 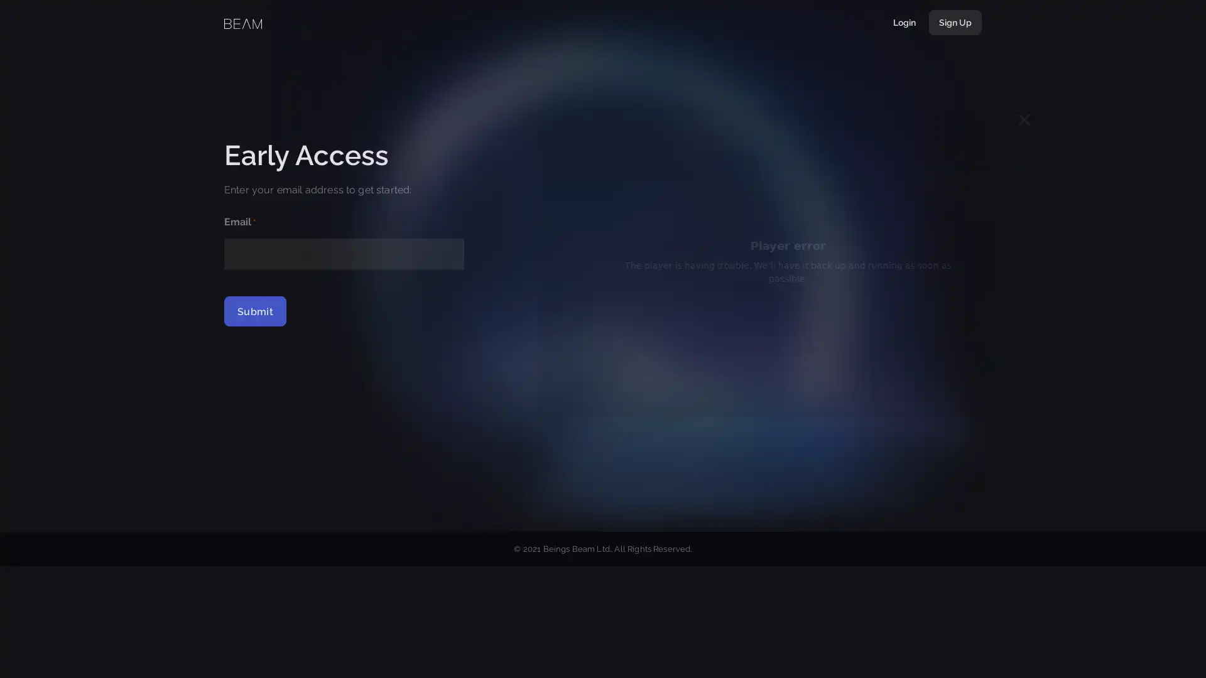 I want to click on Submit, so click(x=254, y=311).